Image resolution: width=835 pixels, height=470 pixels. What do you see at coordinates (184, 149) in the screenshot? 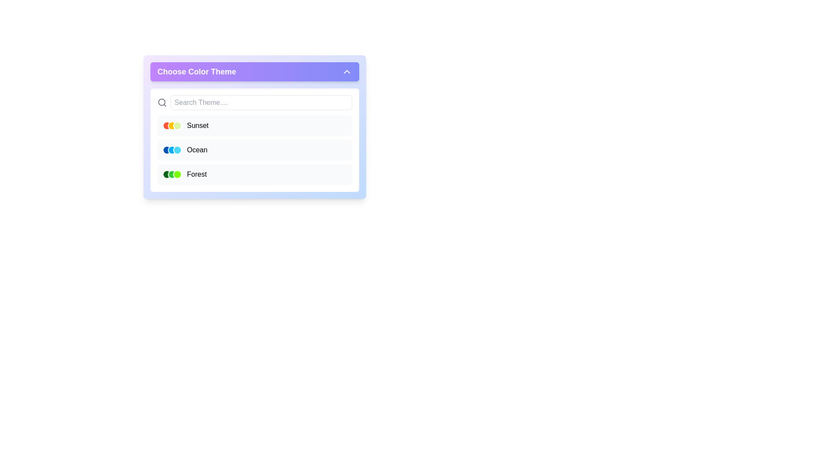
I see `the list item labeled 'Ocean' in the 'Choose Color Theme' pane` at bounding box center [184, 149].